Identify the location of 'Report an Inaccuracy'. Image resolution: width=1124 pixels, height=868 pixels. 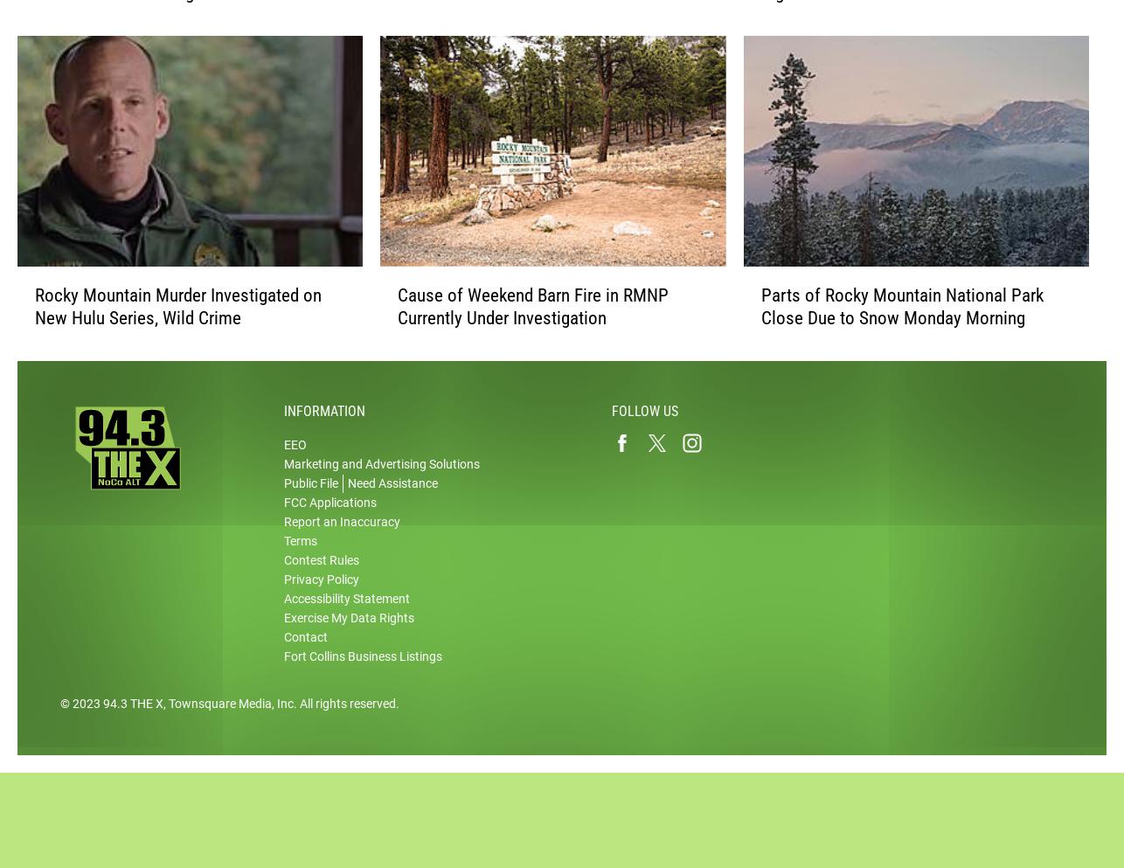
(282, 539).